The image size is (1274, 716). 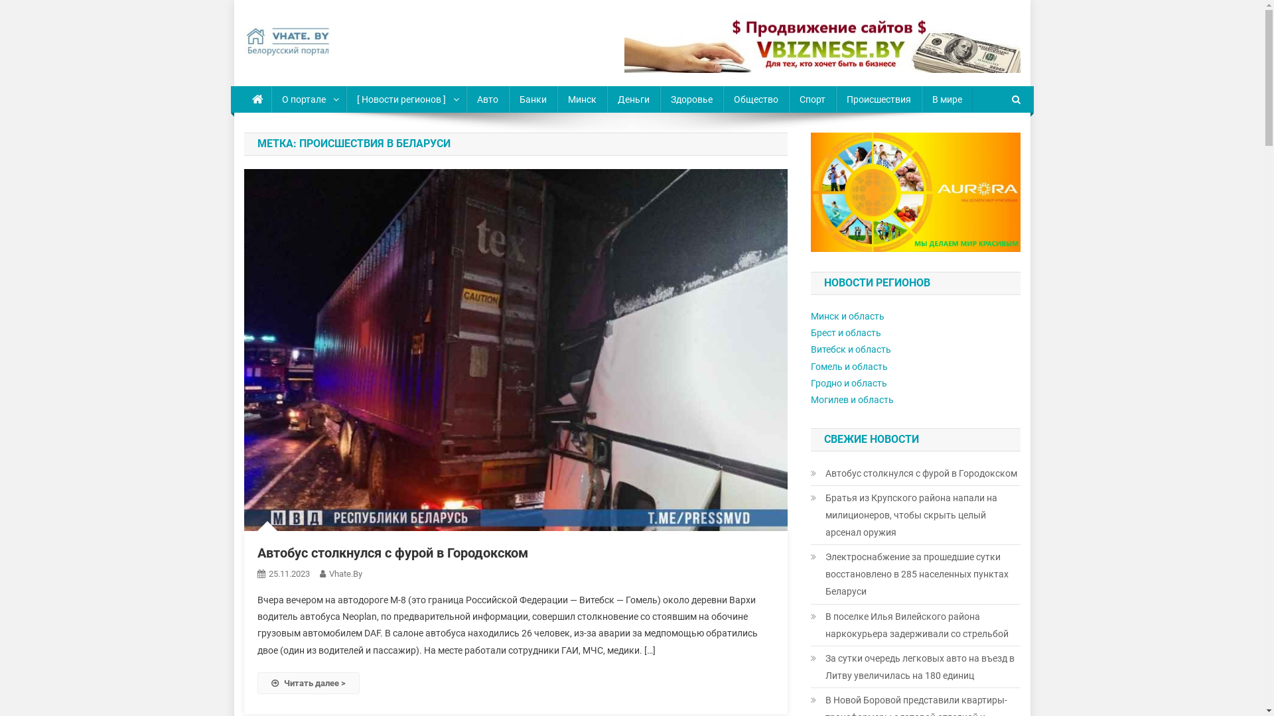 What do you see at coordinates (346, 573) in the screenshot?
I see `'Vhate.By'` at bounding box center [346, 573].